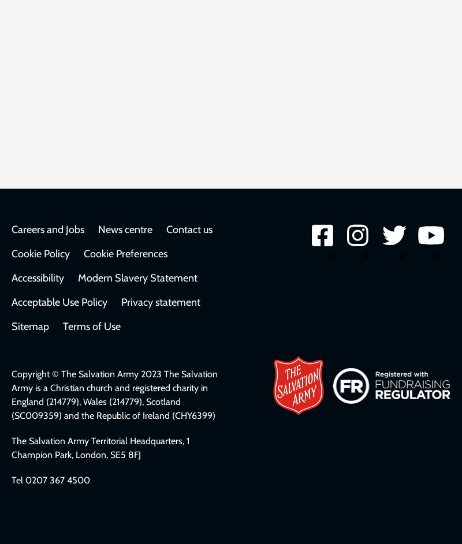 The width and height of the screenshot is (462, 544). Describe the element at coordinates (40, 254) in the screenshot. I see `'Cookie Policy'` at that location.